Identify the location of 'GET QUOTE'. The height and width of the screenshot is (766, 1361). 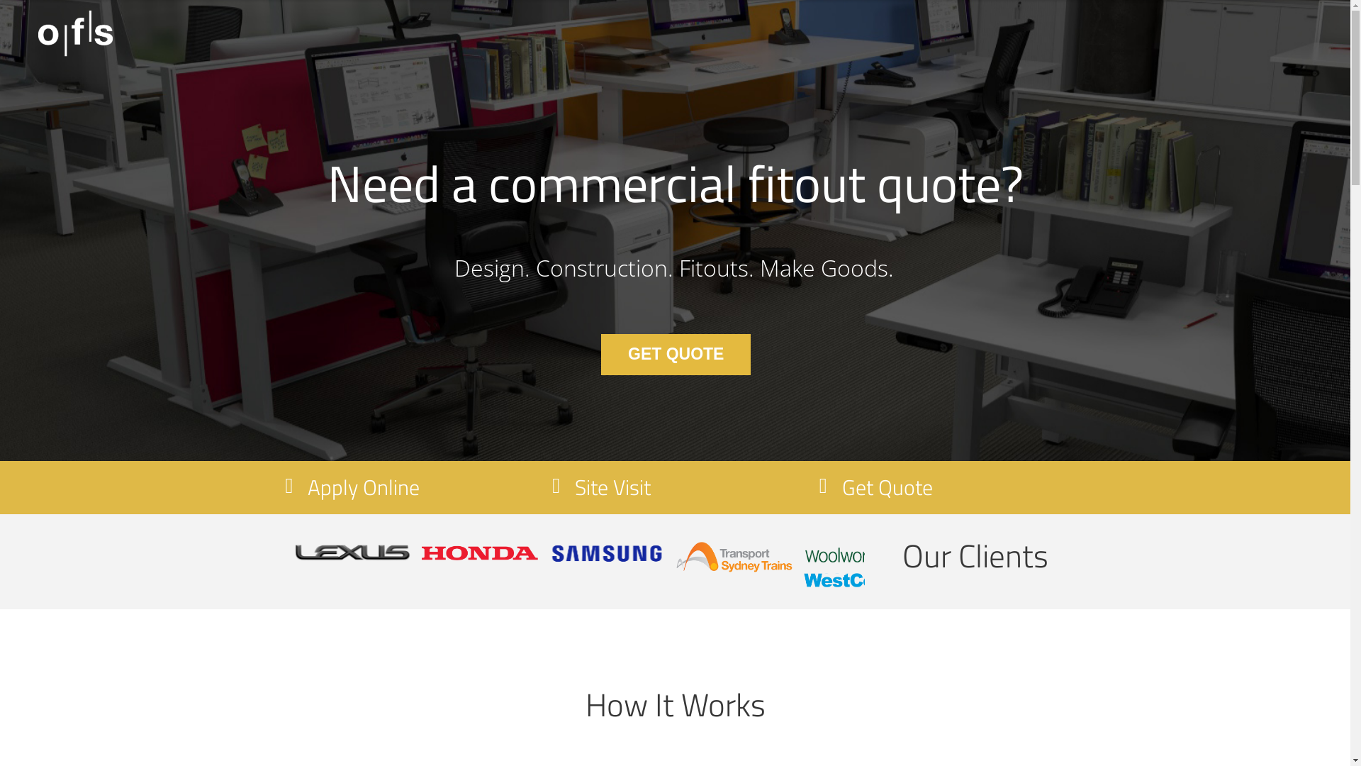
(675, 354).